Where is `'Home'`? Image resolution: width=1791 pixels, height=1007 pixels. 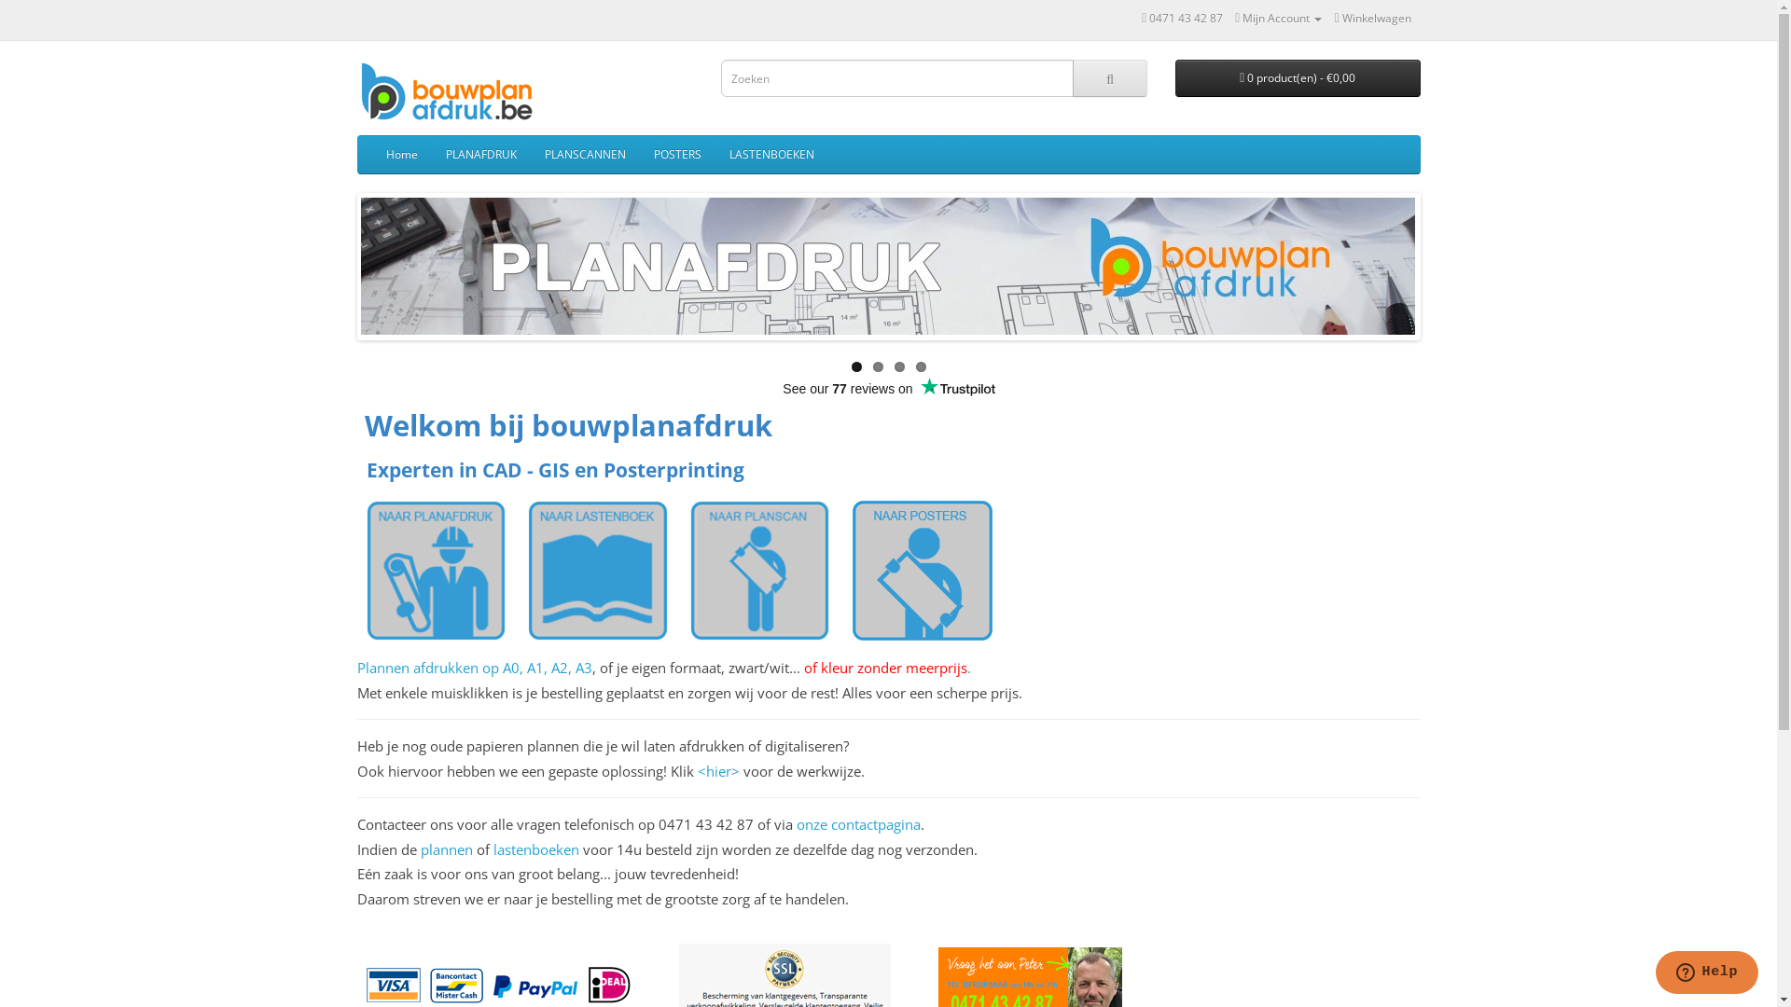 'Home' is located at coordinates (371, 153).